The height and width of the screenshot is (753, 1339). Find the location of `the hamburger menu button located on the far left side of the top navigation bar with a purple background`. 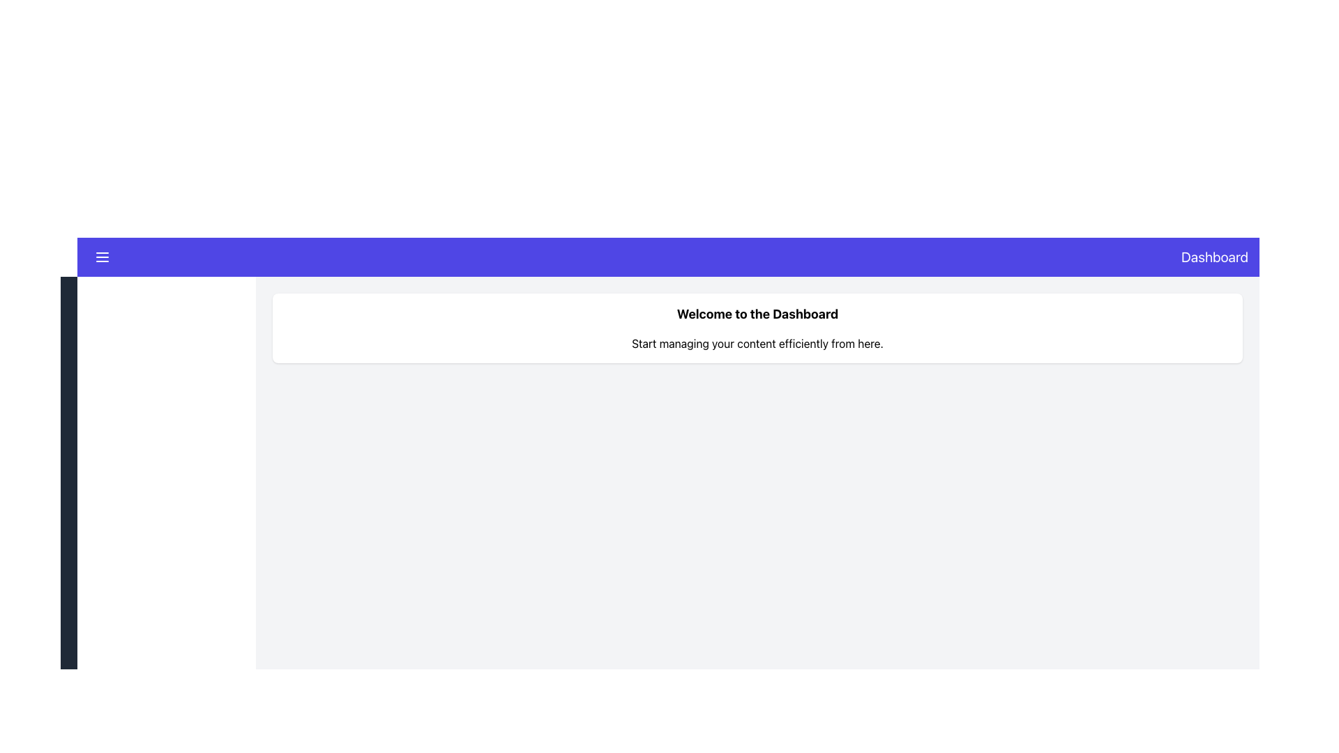

the hamburger menu button located on the far left side of the top navigation bar with a purple background is located at coordinates (102, 257).